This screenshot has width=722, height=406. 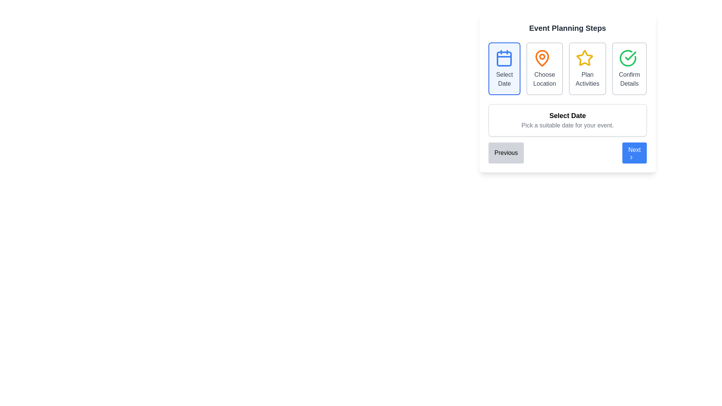 What do you see at coordinates (628, 58) in the screenshot?
I see `the circular green checkmark icon located at the top right of the 'Event Planning Steps' interface to interact with the step` at bounding box center [628, 58].